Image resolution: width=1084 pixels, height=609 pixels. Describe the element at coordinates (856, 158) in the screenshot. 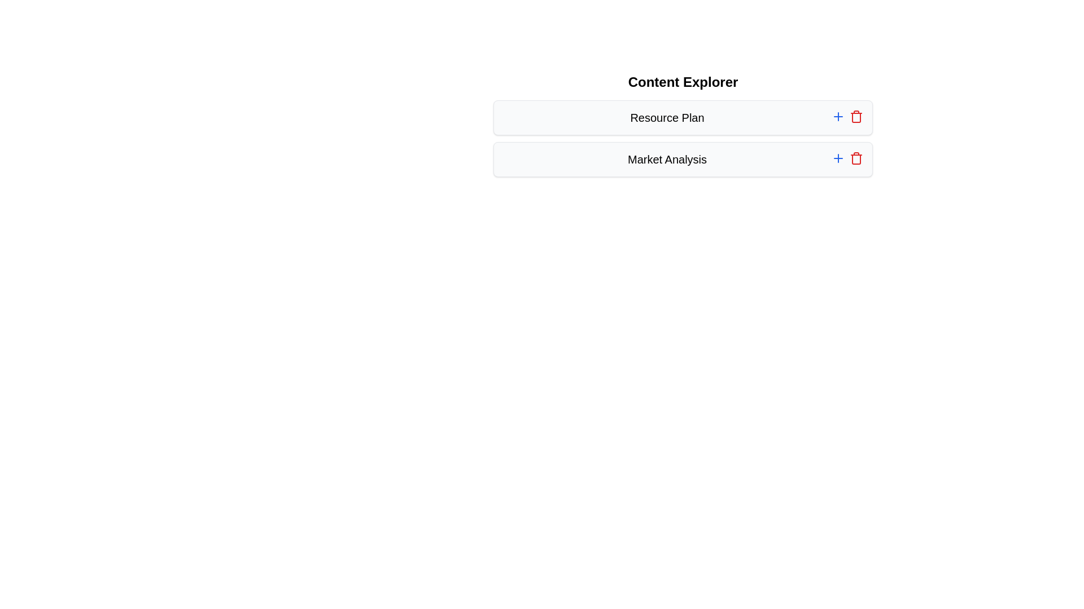

I see `the trash icon next to the content item labeled Market Analysis to remove it` at that location.